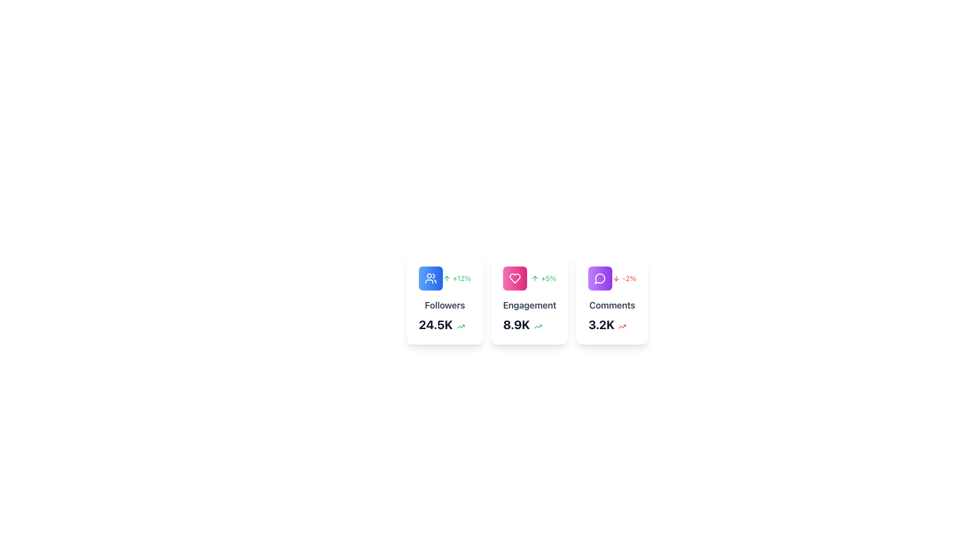 This screenshot has width=962, height=541. I want to click on the static text label indicating a numerical percentage decrease within the 'Comments' card, located in the upper right portion of the third card from the left, so click(629, 278).